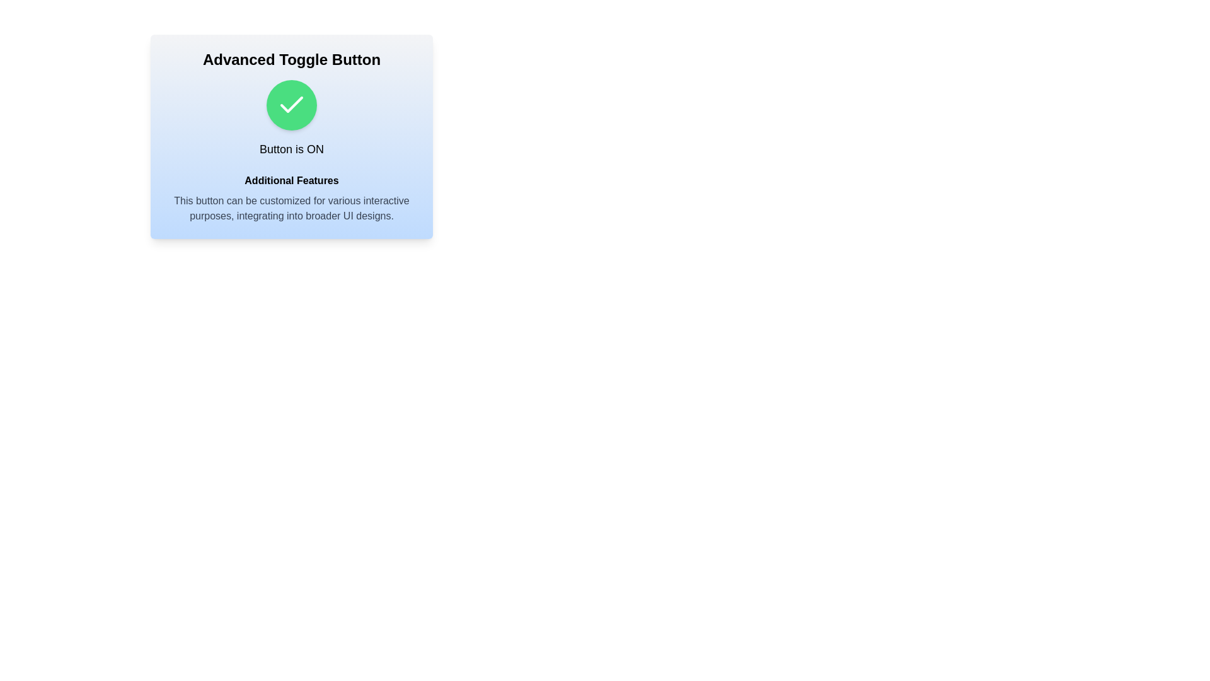  Describe the element at coordinates (291, 104) in the screenshot. I see `the toggle button to switch its state` at that location.